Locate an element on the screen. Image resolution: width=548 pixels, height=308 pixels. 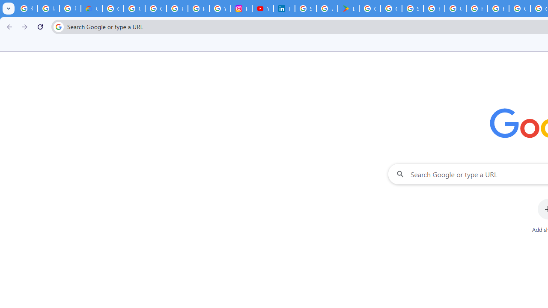
'Last Shelter: Survival - Apps on Google Play' is located at coordinates (348, 9).